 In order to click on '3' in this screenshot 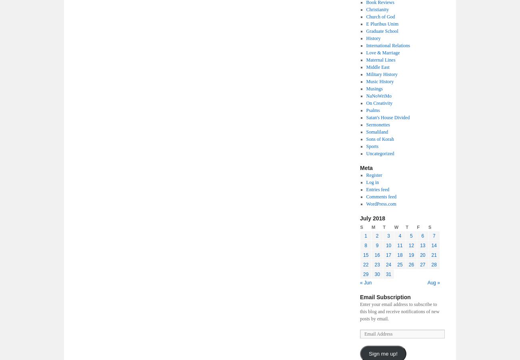, I will do `click(388, 236)`.